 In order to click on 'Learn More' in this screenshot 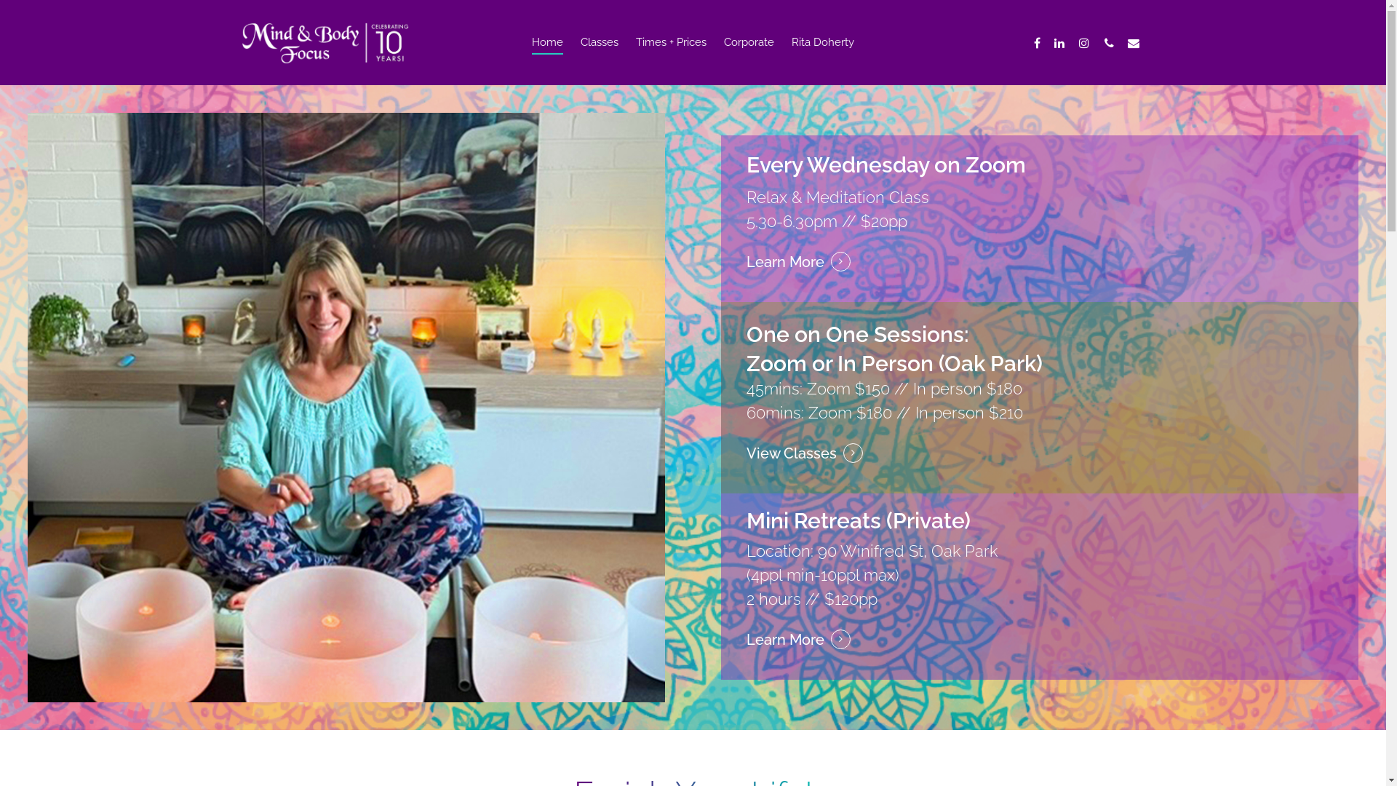, I will do `click(797, 639)`.